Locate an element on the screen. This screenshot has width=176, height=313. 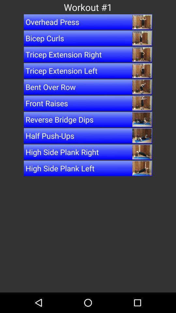
the app below the workout #1 icon is located at coordinates (88, 22).